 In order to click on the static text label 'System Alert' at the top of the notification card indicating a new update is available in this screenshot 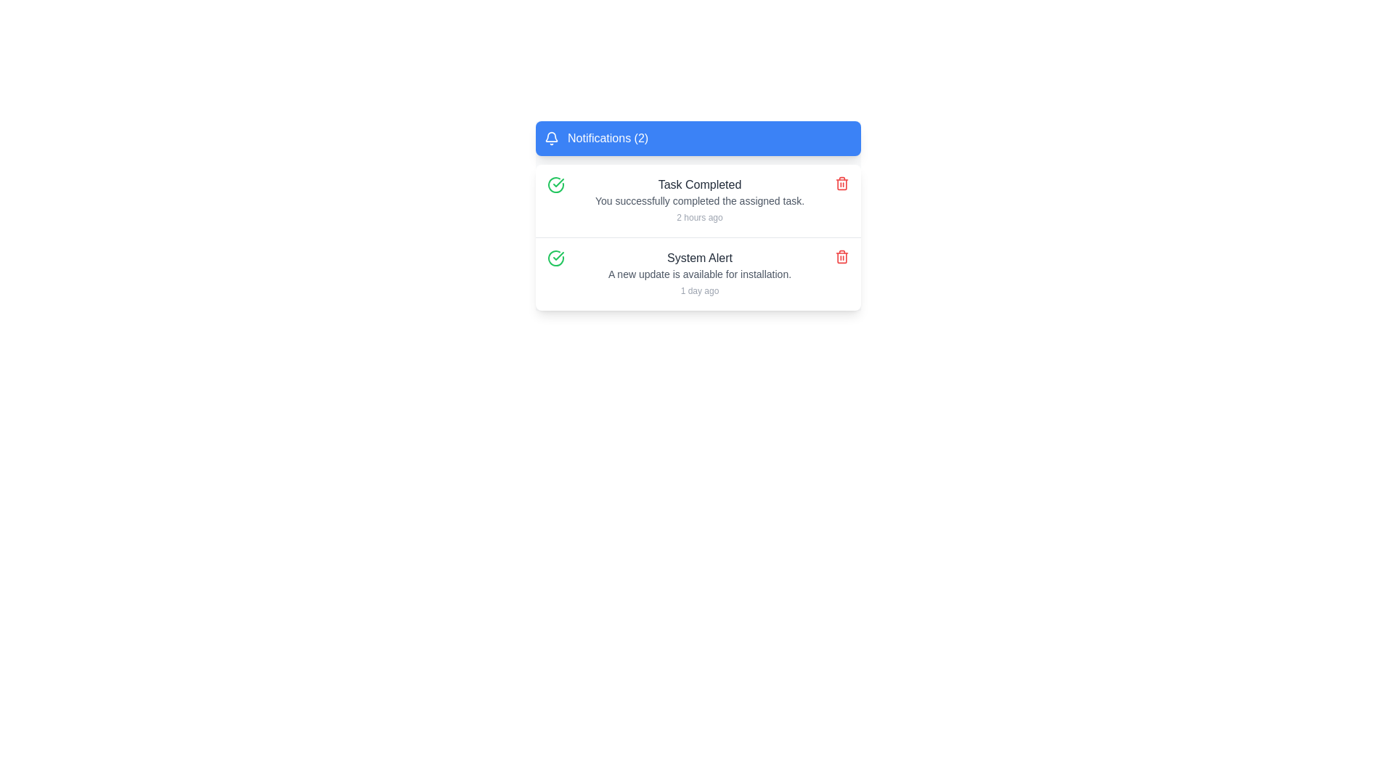, I will do `click(700, 257)`.